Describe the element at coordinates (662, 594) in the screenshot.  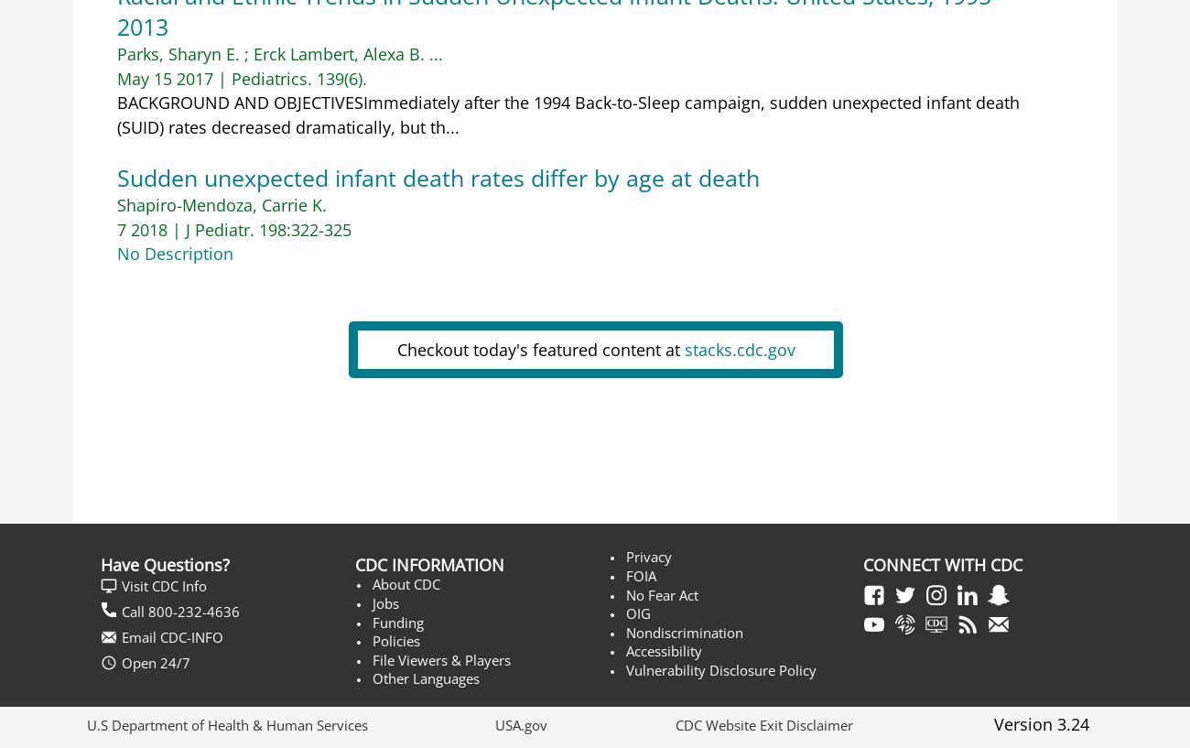
I see `'No Fear Act'` at that location.